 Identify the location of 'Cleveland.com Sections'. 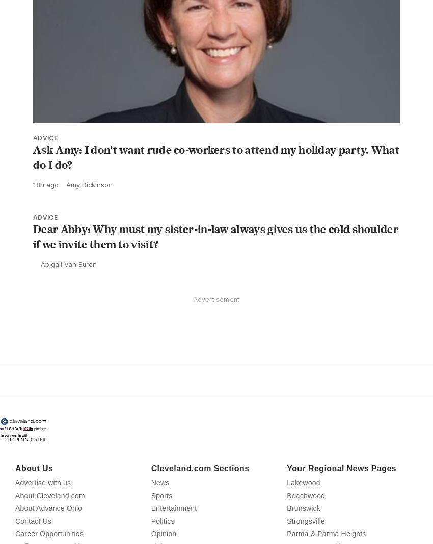
(200, 491).